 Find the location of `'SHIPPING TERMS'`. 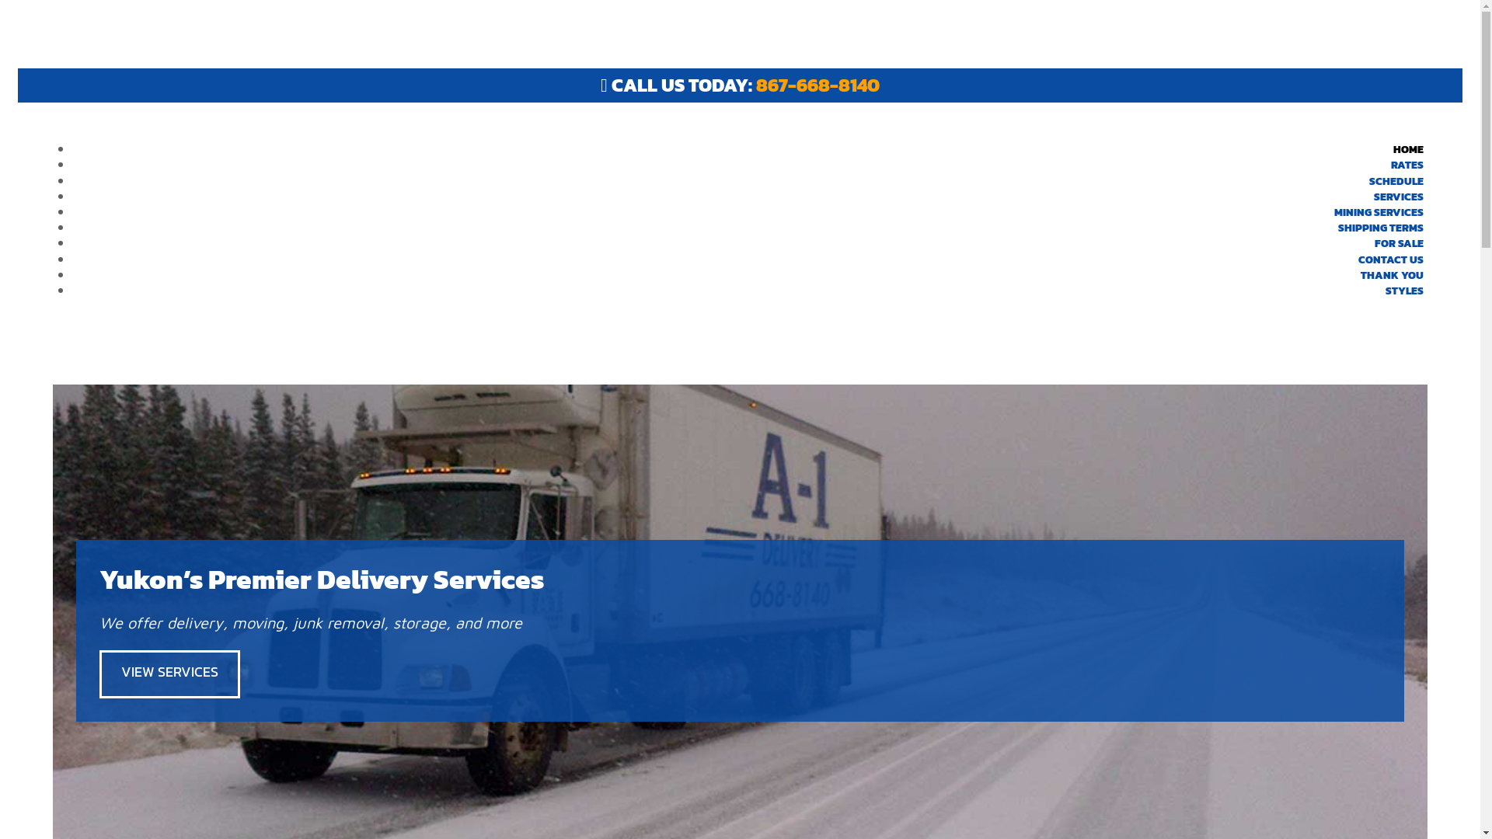

'SHIPPING TERMS' is located at coordinates (1380, 228).